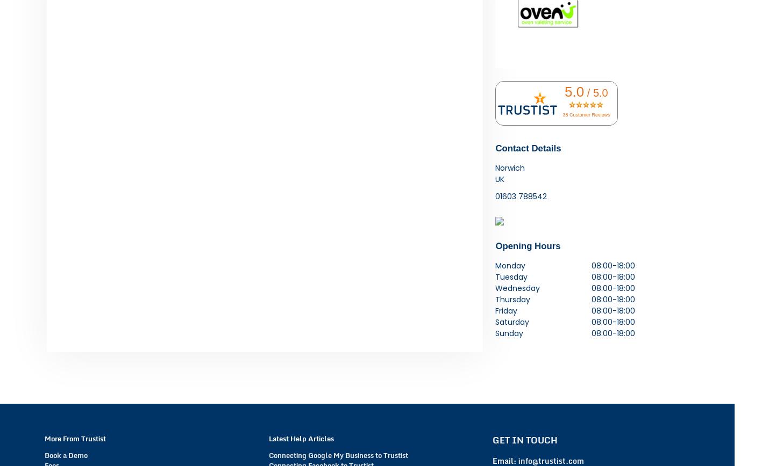 Image resolution: width=762 pixels, height=466 pixels. I want to click on 'Saturday', so click(512, 322).